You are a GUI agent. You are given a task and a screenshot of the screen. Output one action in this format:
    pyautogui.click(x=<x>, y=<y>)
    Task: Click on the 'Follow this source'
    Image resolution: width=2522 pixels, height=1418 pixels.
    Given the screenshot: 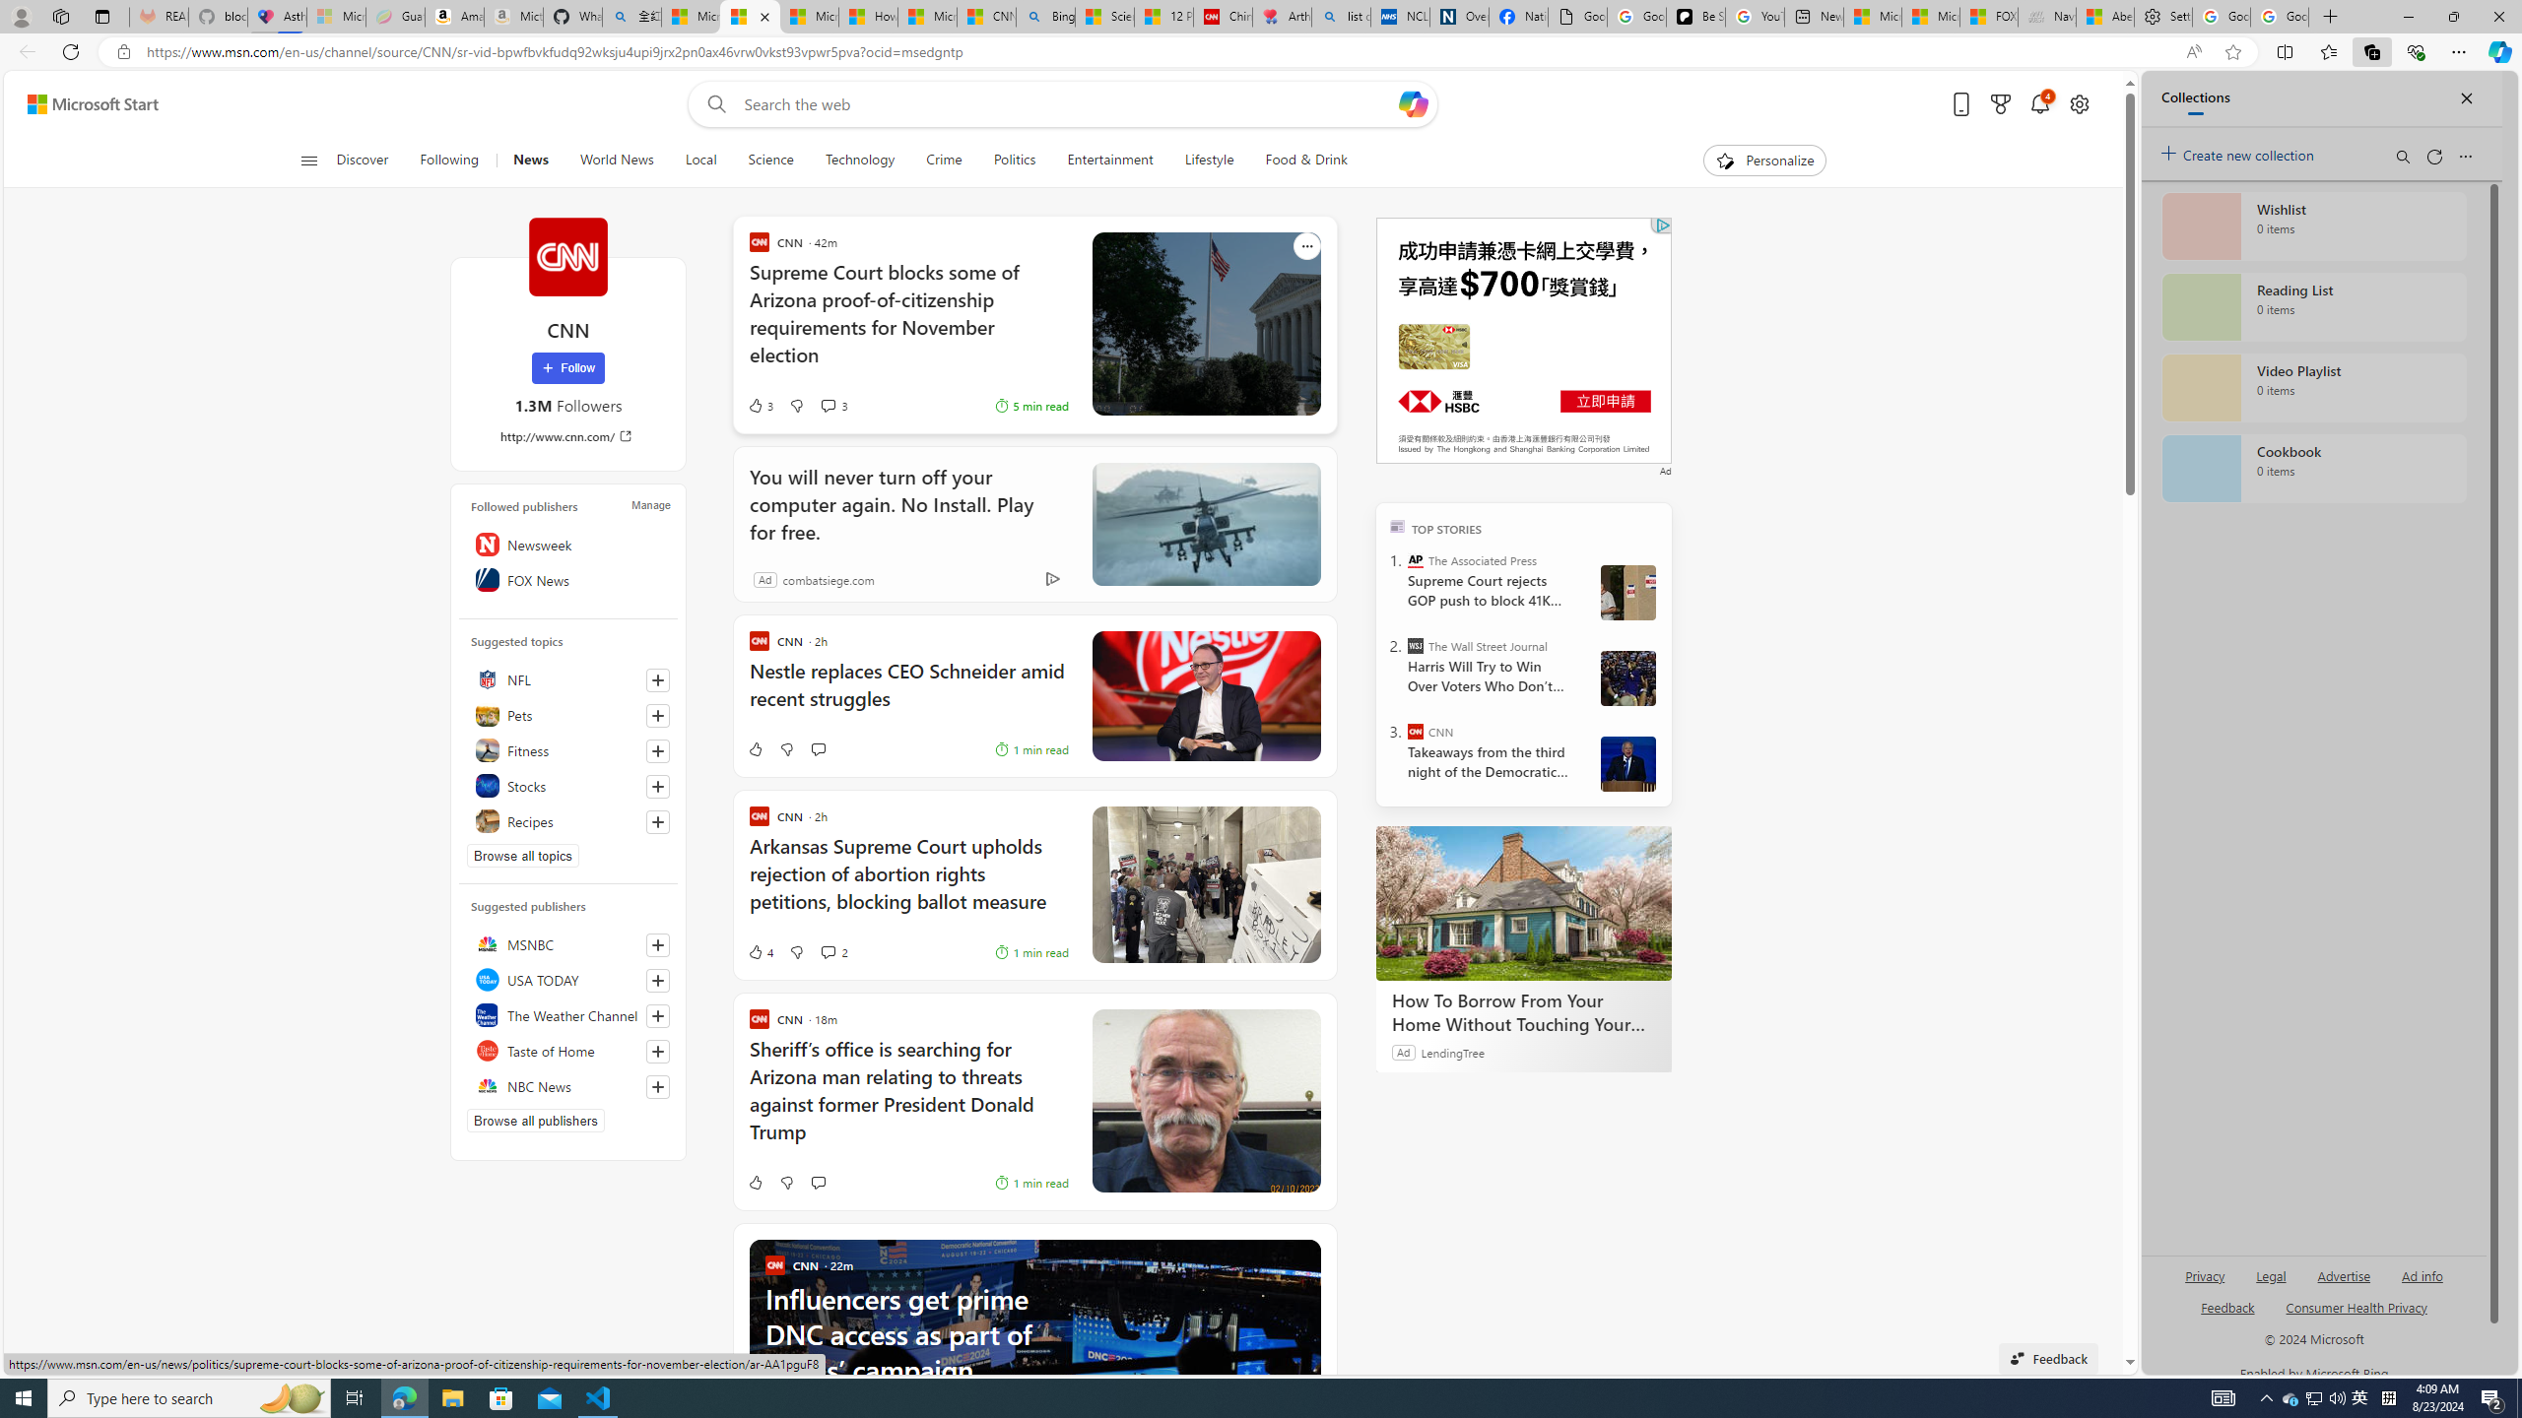 What is the action you would take?
    pyautogui.click(x=658, y=1085)
    